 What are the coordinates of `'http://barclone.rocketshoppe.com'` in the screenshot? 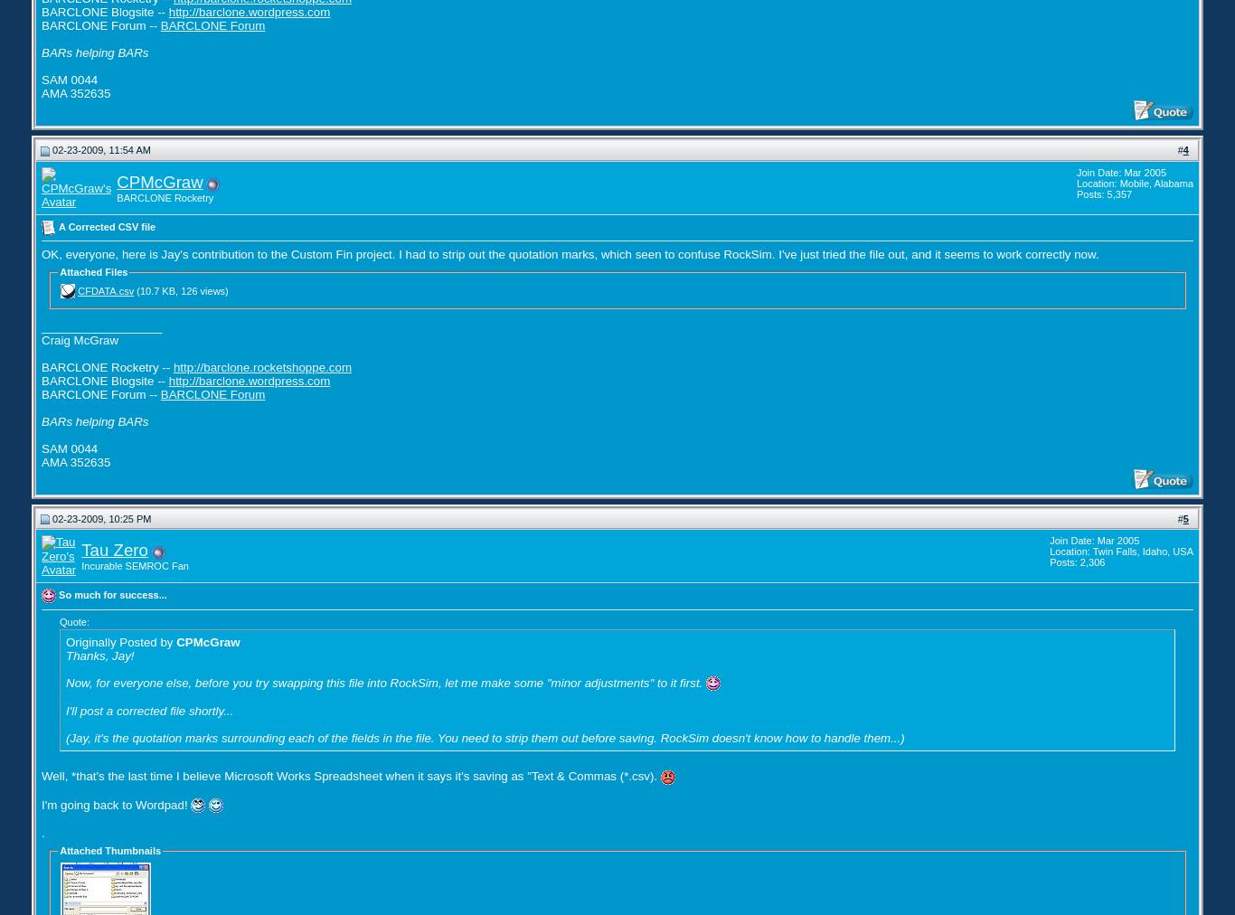 It's located at (261, 366).